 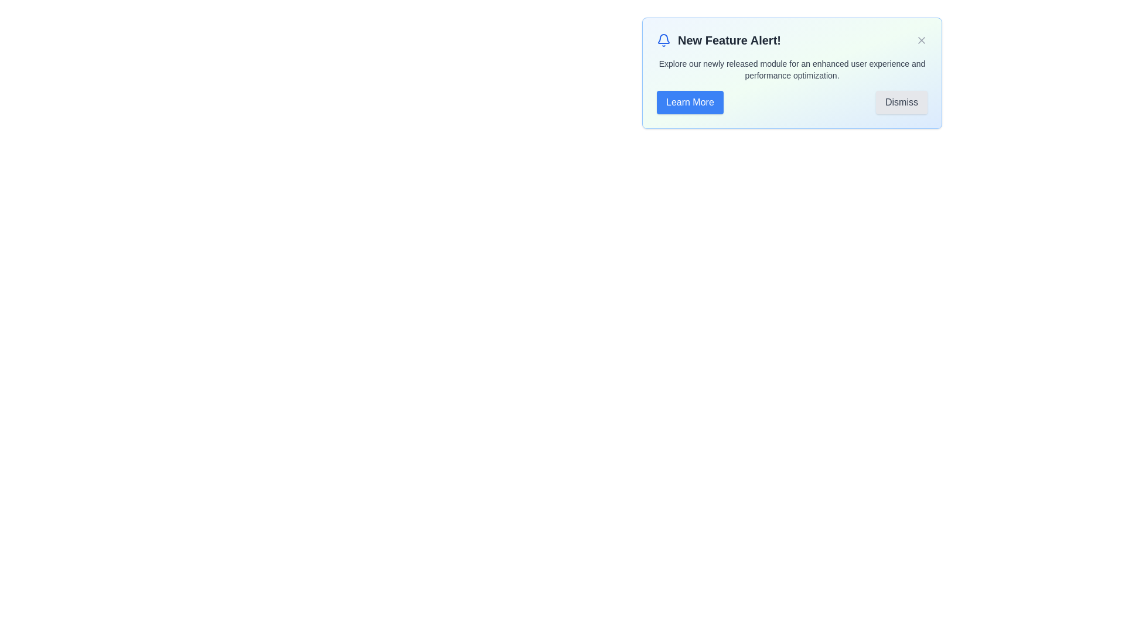 What do you see at coordinates (921, 40) in the screenshot?
I see `the 'Close' button to dismiss the alert` at bounding box center [921, 40].